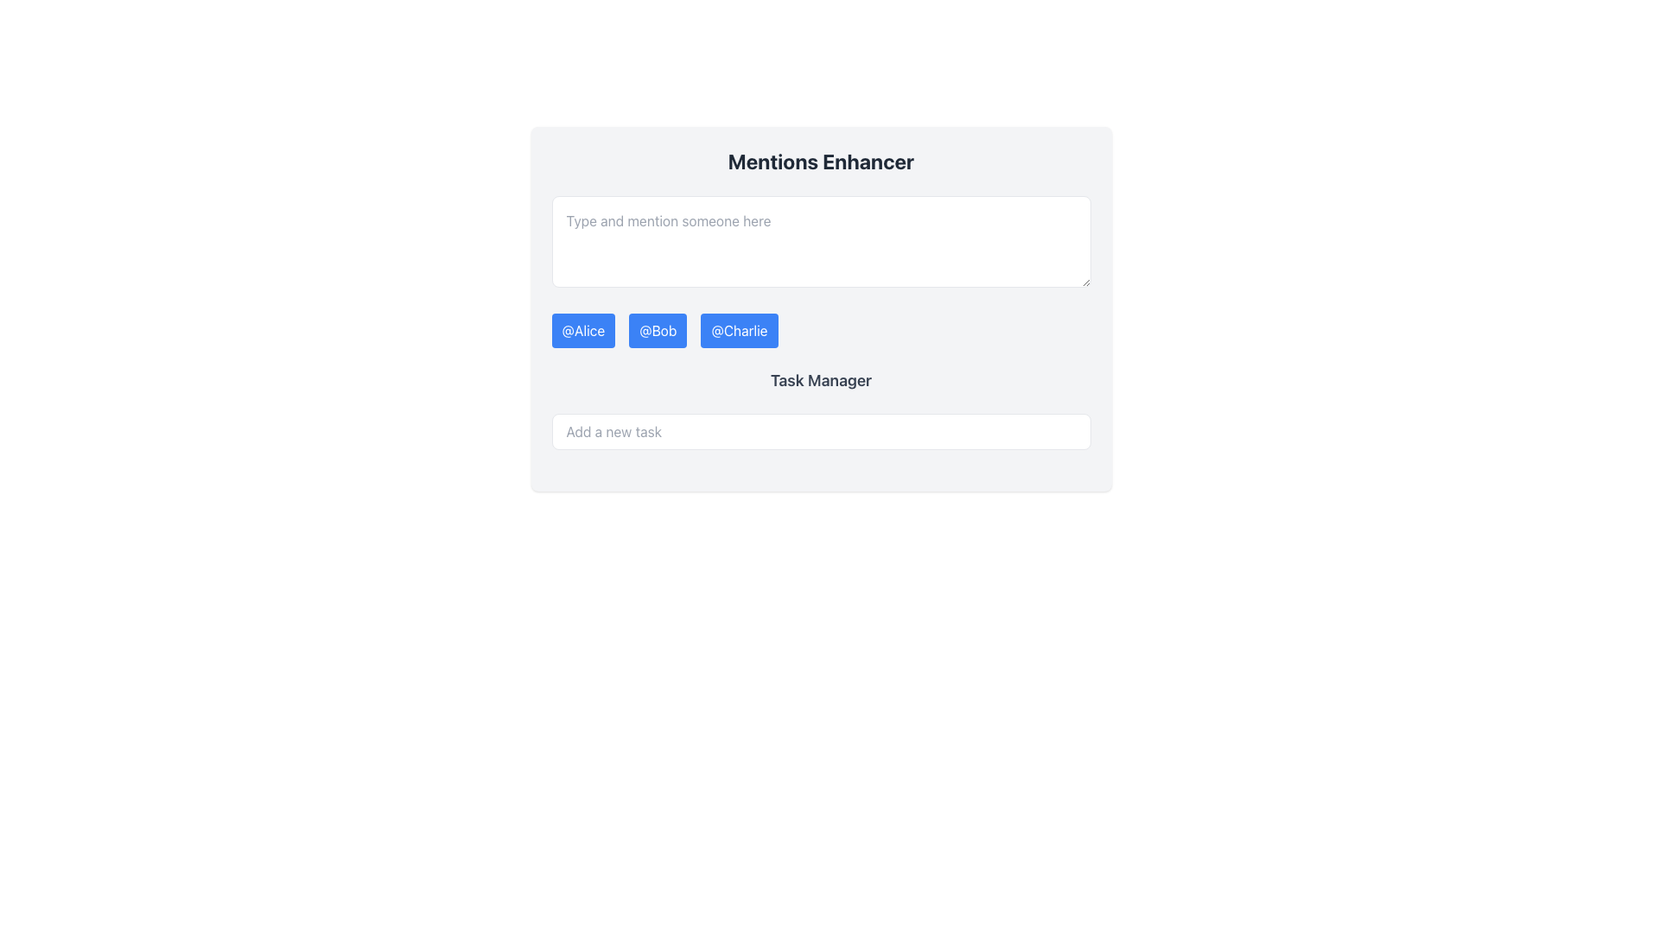 The height and width of the screenshot is (933, 1659). I want to click on a selection within the text area input field located in the 'Mentions Enhancer' card, positioned below the title and above the buttons '@Alice', '@Bob', and '@Charlie', so click(820, 242).